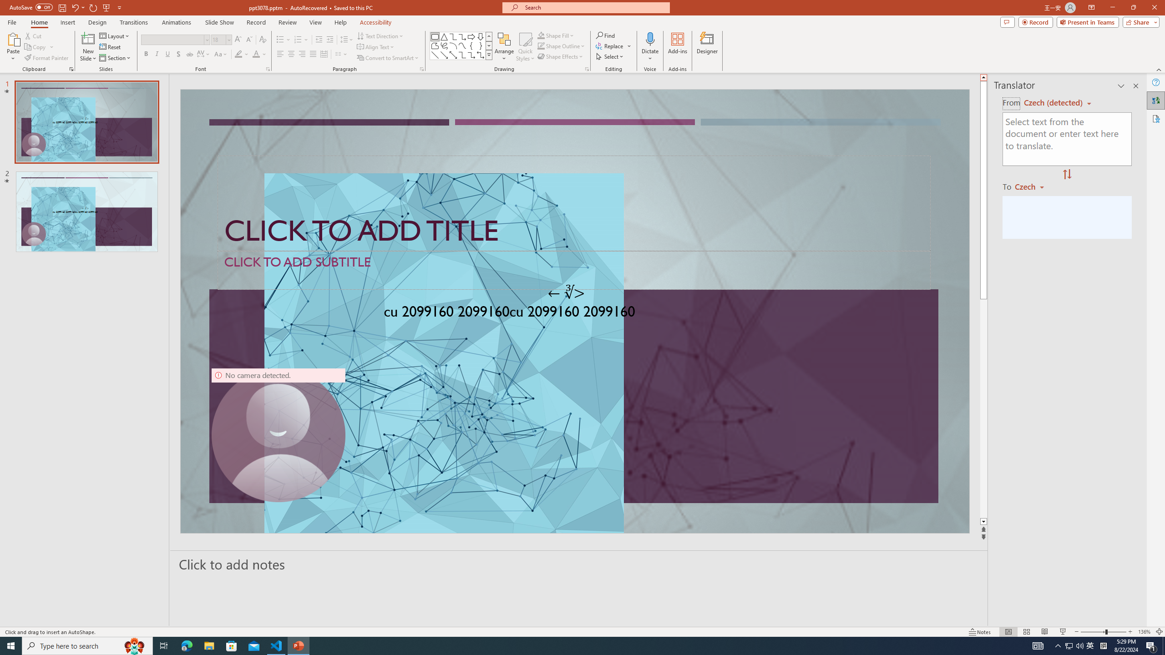 This screenshot has height=655, width=1165. I want to click on 'Zoom 136%', so click(1145, 632).